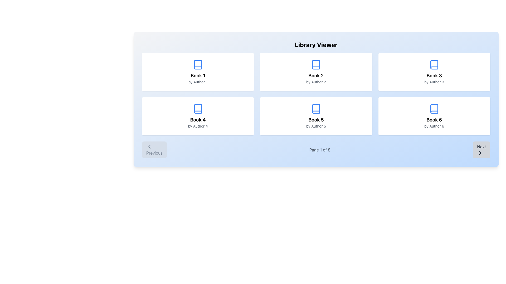 This screenshot has height=284, width=506. I want to click on the title text label of 'Book 5' by 'Author 5', which is located within its card in the second row and third column of the grid layout, so click(316, 120).